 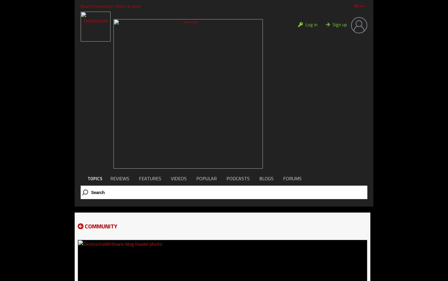 I want to click on 'BLOGS', so click(x=266, y=178).